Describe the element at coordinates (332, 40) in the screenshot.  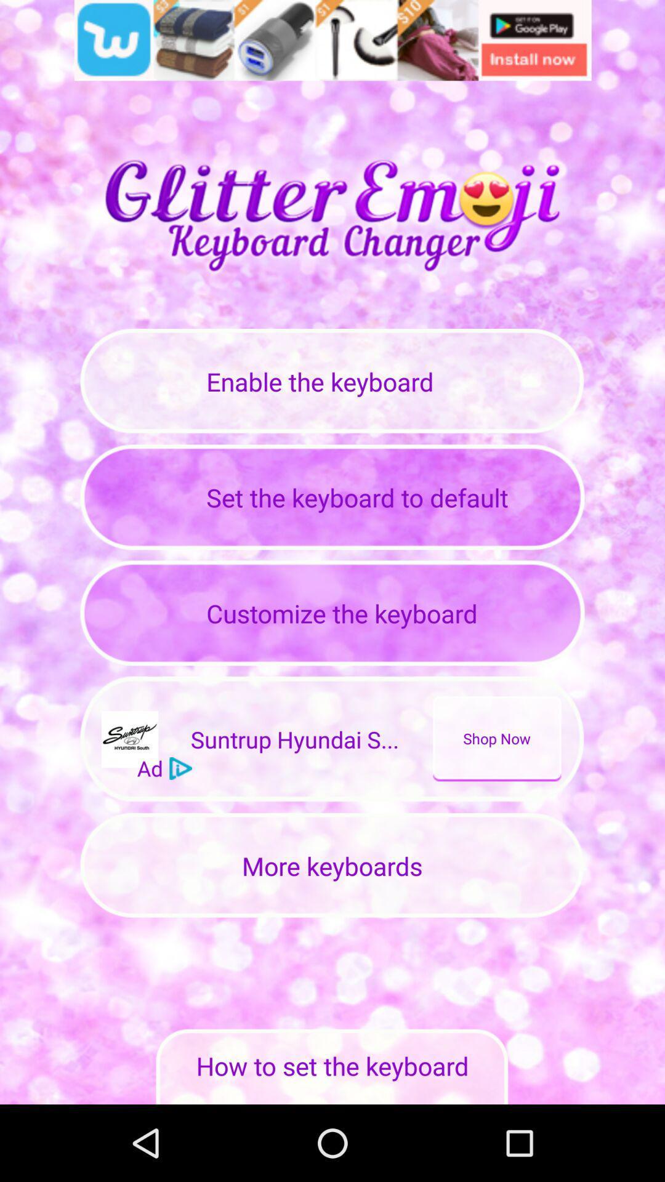
I see `click advertisement` at that location.